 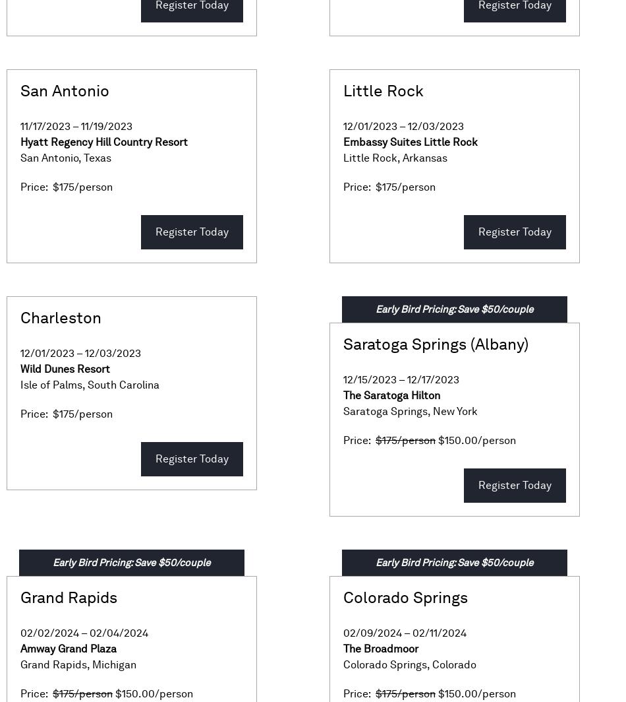 What do you see at coordinates (65, 369) in the screenshot?
I see `'Wild Dunes Resort'` at bounding box center [65, 369].